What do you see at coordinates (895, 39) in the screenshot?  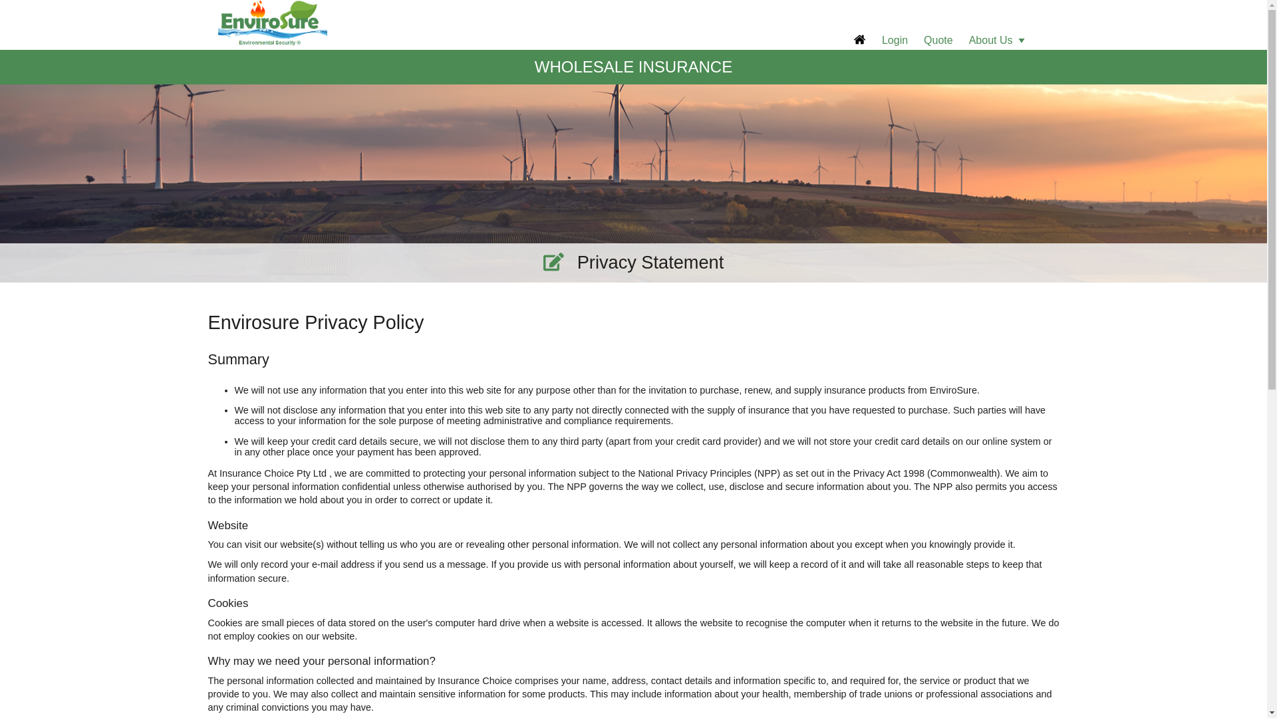 I see `'Login'` at bounding box center [895, 39].